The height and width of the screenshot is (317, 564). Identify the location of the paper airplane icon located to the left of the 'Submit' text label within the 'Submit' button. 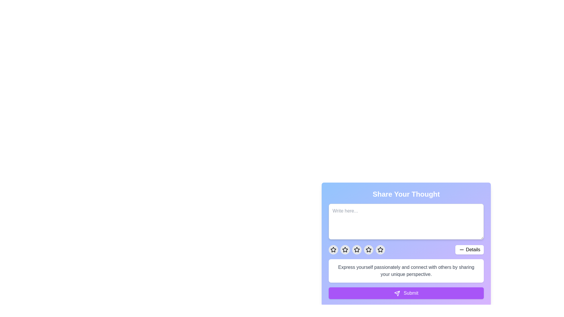
(397, 293).